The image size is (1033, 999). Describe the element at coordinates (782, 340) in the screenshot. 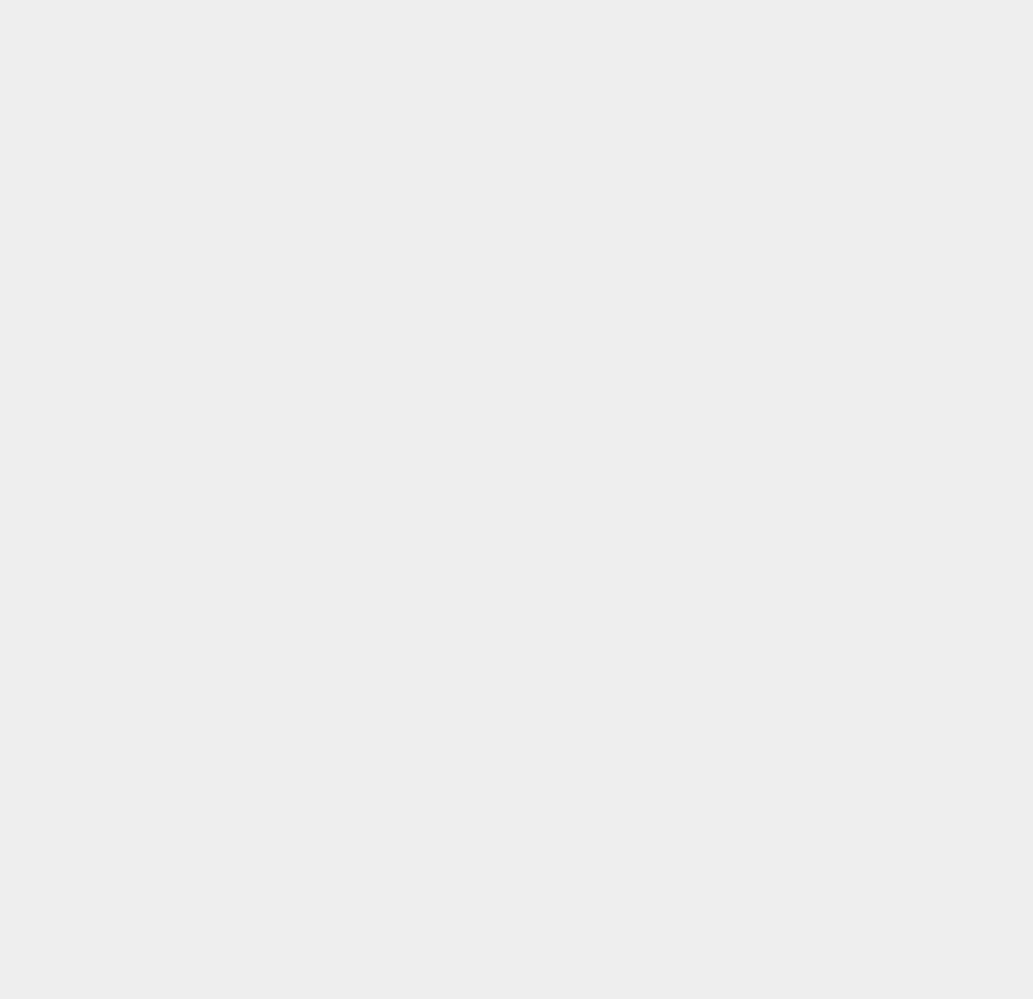

I see `'Social Networking'` at that location.